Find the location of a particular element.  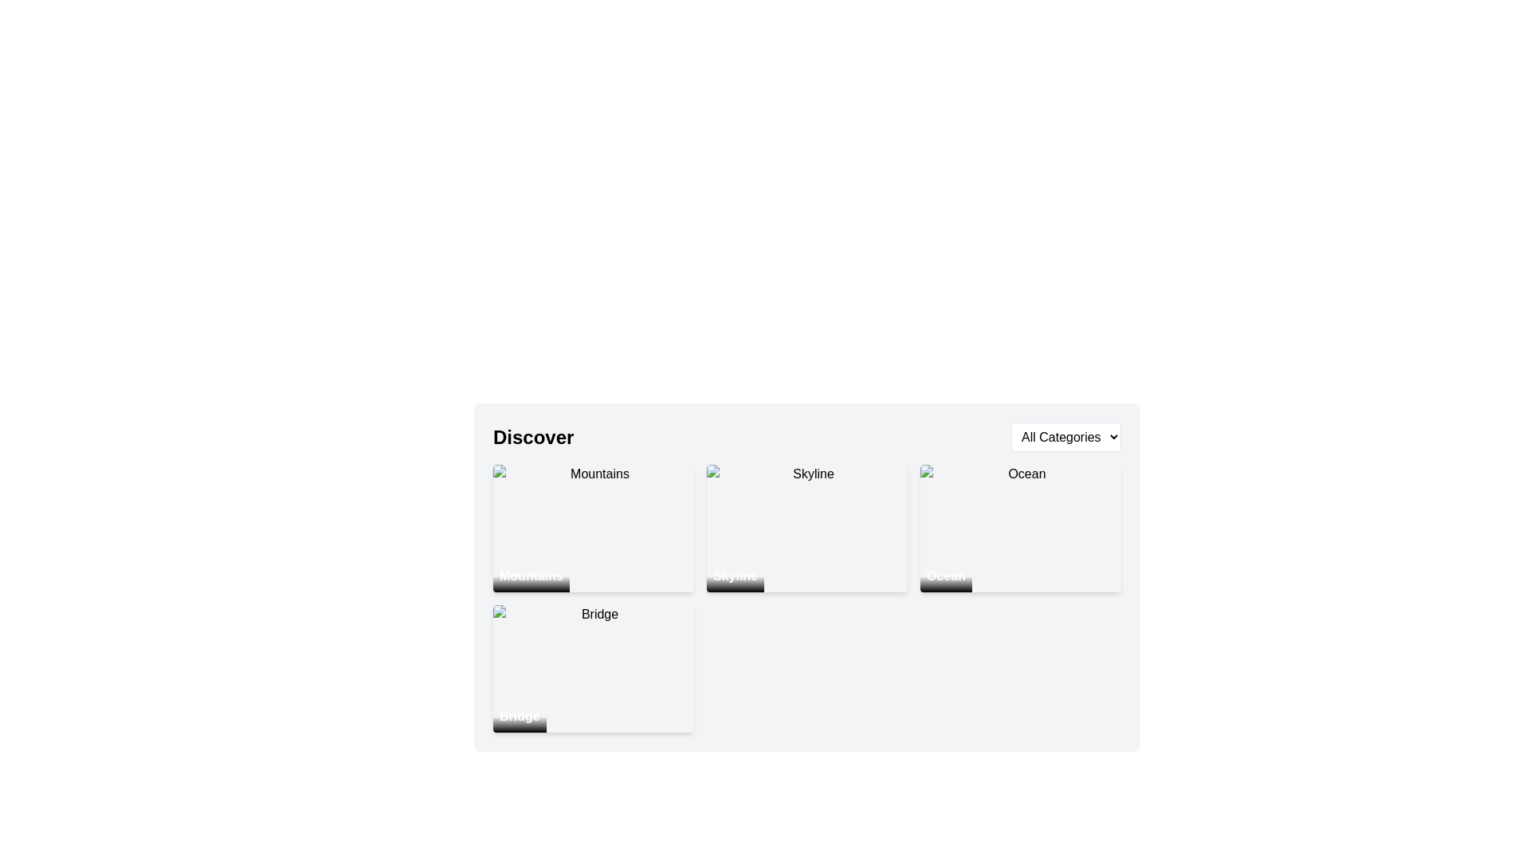

the display card labeled 'Bridge' located in the first column of the third row, which follows the cards labeled 'Mountains,' 'Skyline,' and 'Ocean.' is located at coordinates (592, 669).